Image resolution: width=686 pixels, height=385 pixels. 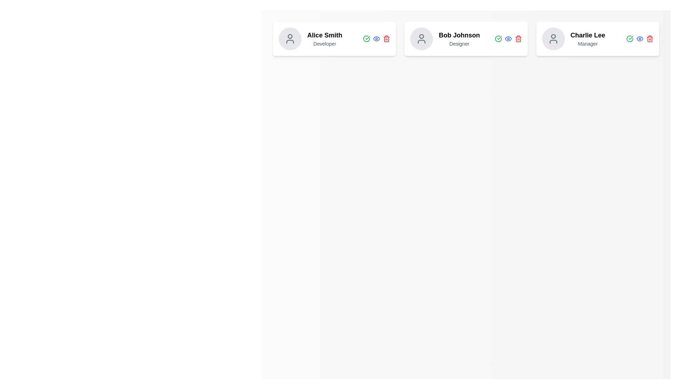 What do you see at coordinates (367, 38) in the screenshot?
I see `the circular green icon with a checkmark inside, located next to 'Alice Smith - Developer' in the top-left corner of the interface` at bounding box center [367, 38].